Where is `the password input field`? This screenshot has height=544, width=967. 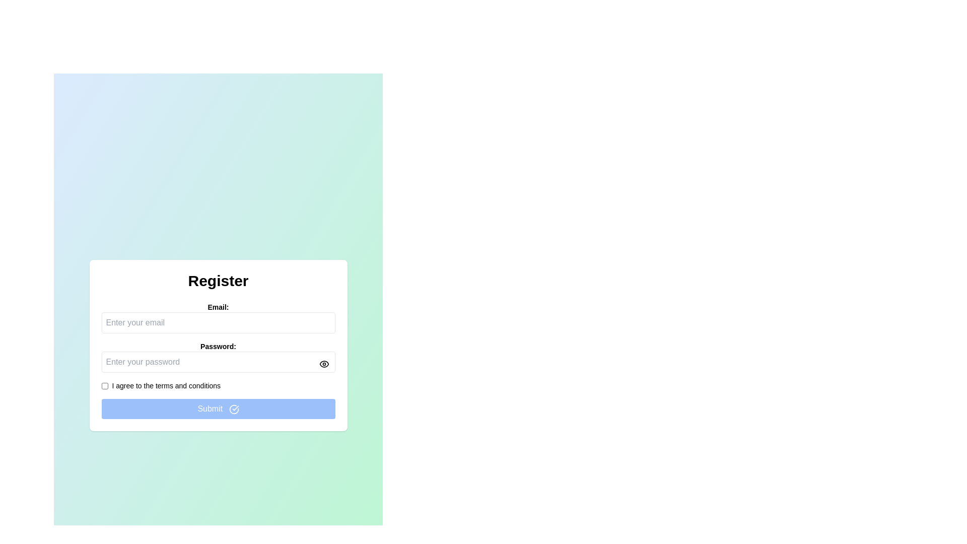
the password input field is located at coordinates (218, 357).